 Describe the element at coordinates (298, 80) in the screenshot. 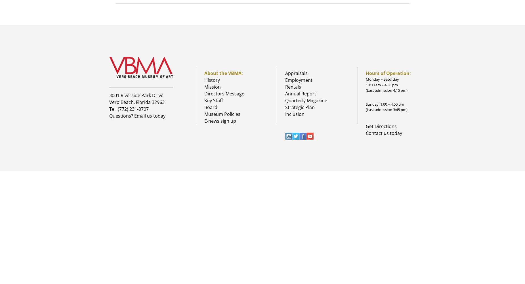

I see `'Employment'` at that location.